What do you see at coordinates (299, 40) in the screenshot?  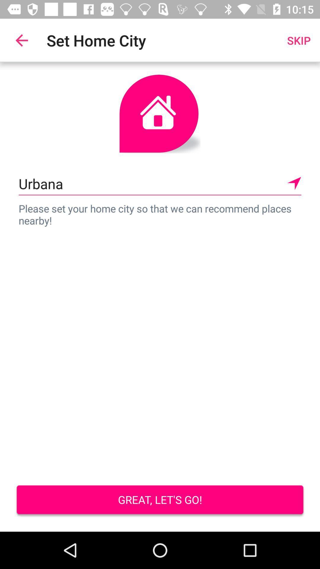 I see `the item next to set home city icon` at bounding box center [299, 40].